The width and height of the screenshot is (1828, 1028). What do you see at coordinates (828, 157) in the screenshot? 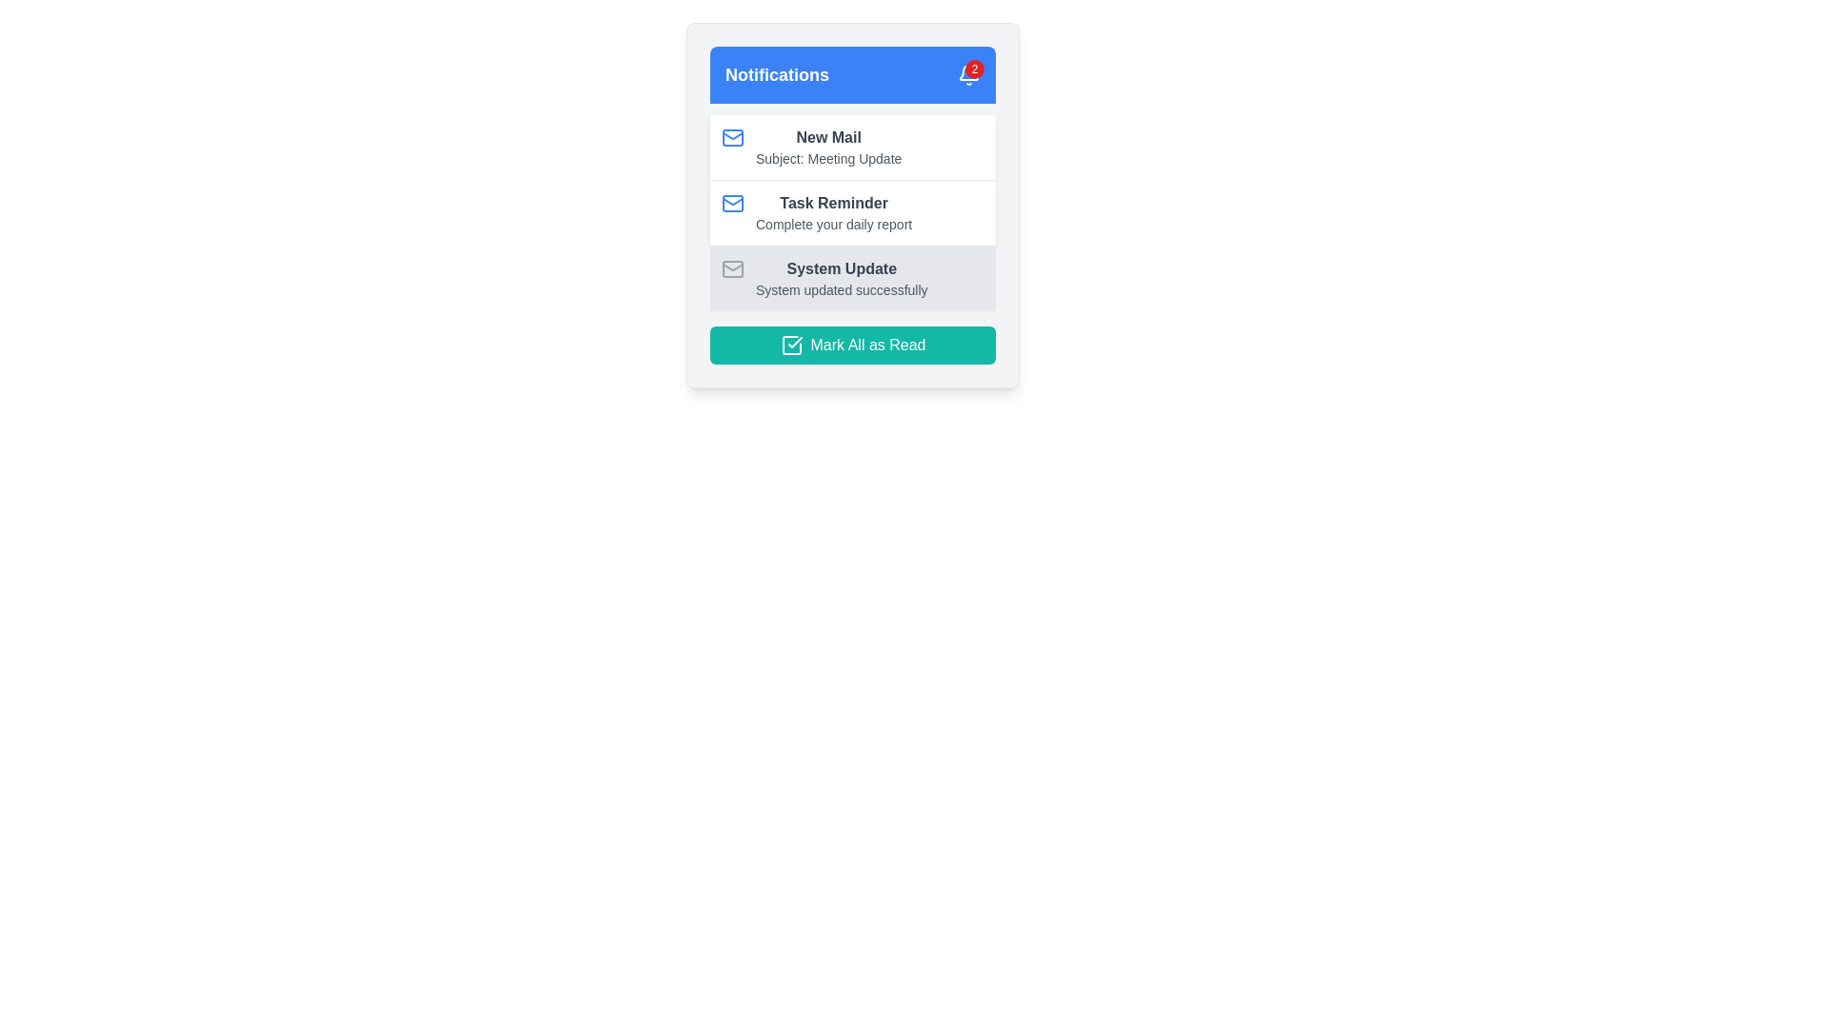
I see `the static text label that provides information about the email titled 'New Mail', located below the 'New Mail' text in the notifications panel` at bounding box center [828, 157].